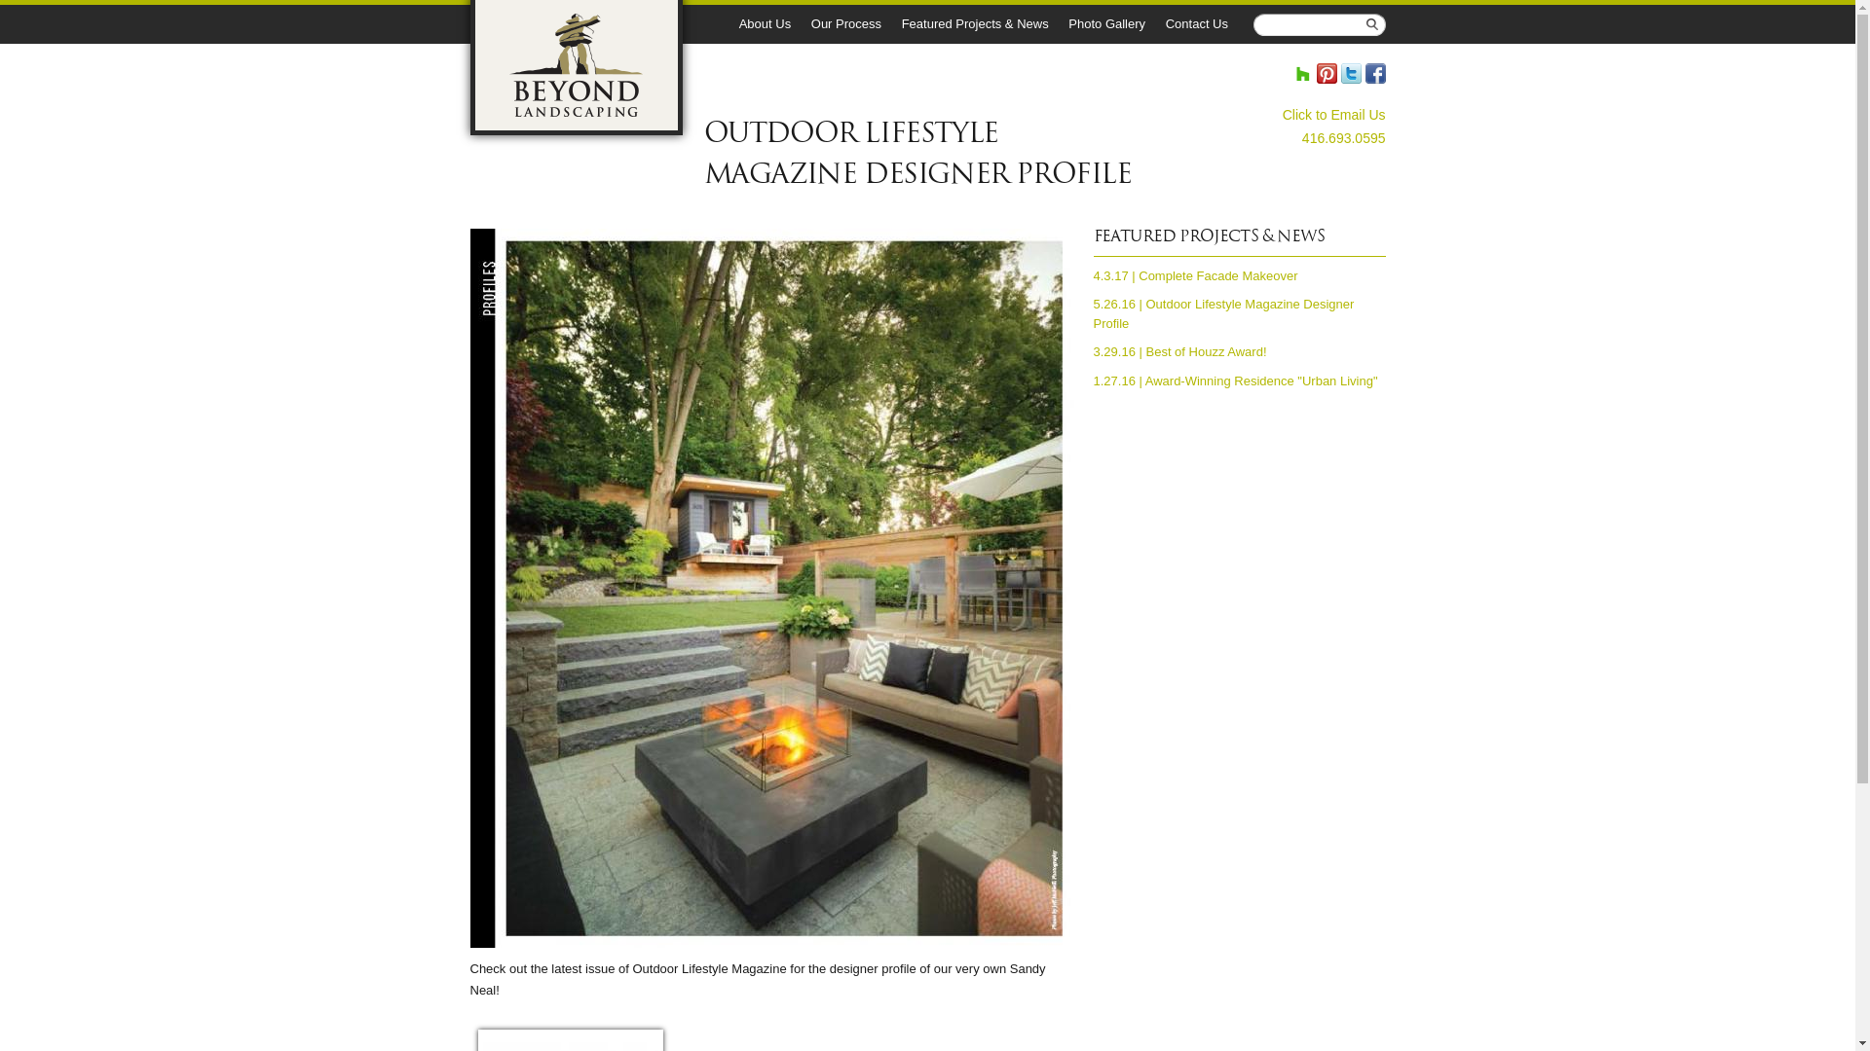 Image resolution: width=1870 pixels, height=1051 pixels. Describe the element at coordinates (1108, 18) in the screenshot. I see `'Photo Gallery'` at that location.